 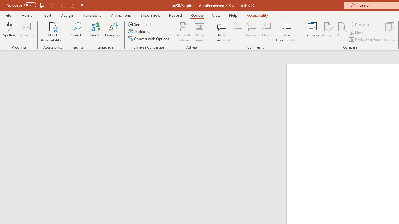 What do you see at coordinates (199, 32) in the screenshot?
I see `'Show Changes'` at bounding box center [199, 32].